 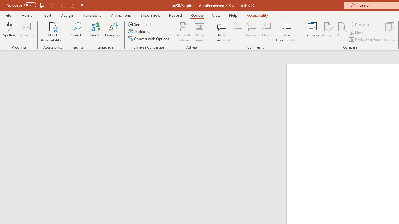 What do you see at coordinates (199, 32) in the screenshot?
I see `'Show Changes'` at bounding box center [199, 32].